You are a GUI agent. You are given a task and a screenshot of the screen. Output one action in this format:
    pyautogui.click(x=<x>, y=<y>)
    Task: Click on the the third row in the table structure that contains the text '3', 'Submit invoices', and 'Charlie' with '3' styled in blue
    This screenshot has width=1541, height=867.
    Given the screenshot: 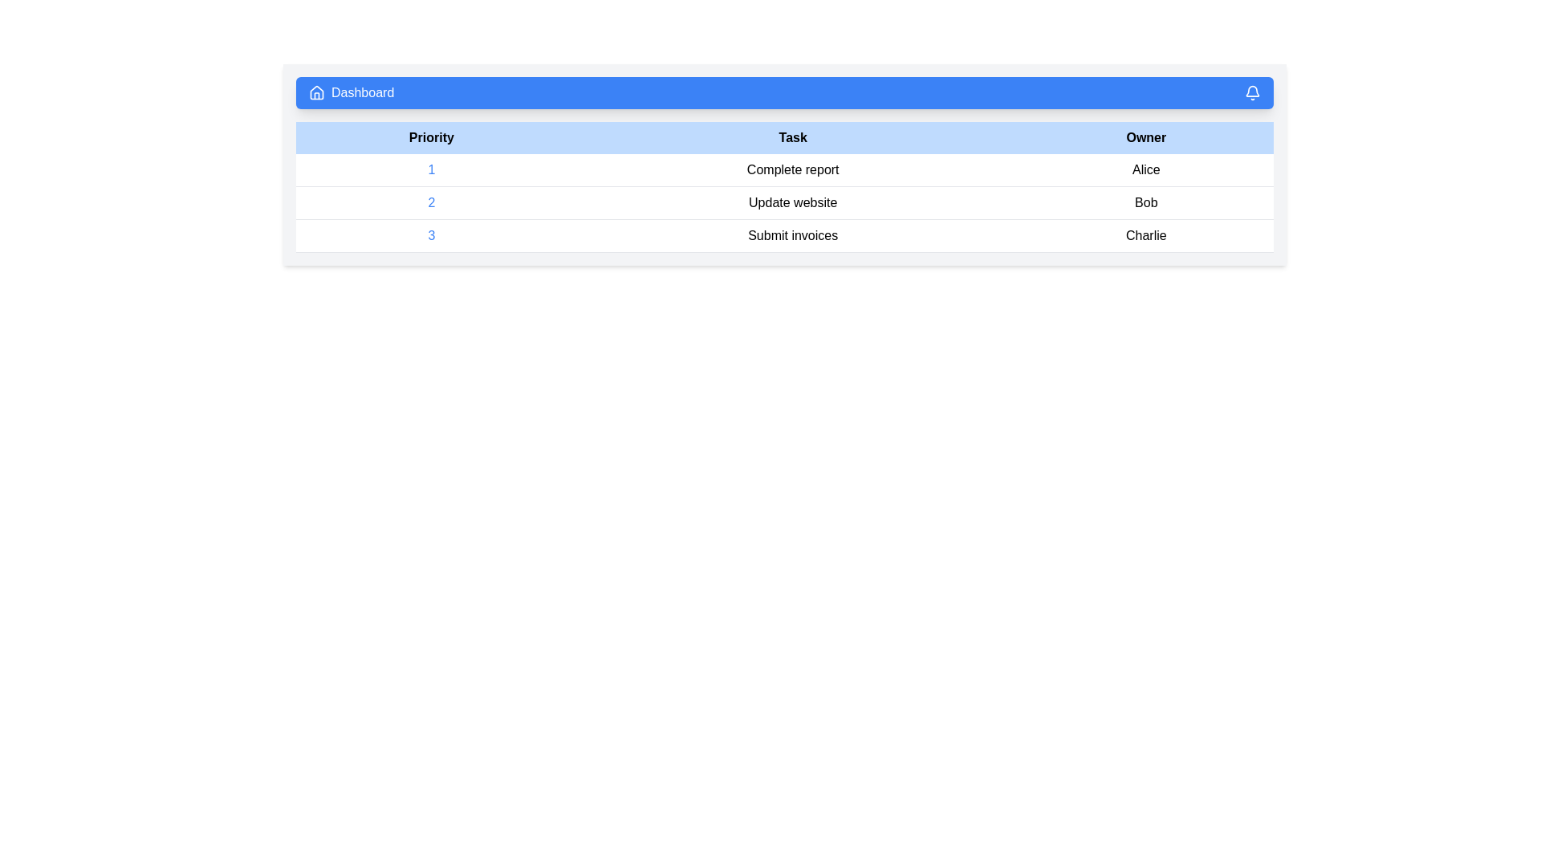 What is the action you would take?
    pyautogui.click(x=785, y=235)
    